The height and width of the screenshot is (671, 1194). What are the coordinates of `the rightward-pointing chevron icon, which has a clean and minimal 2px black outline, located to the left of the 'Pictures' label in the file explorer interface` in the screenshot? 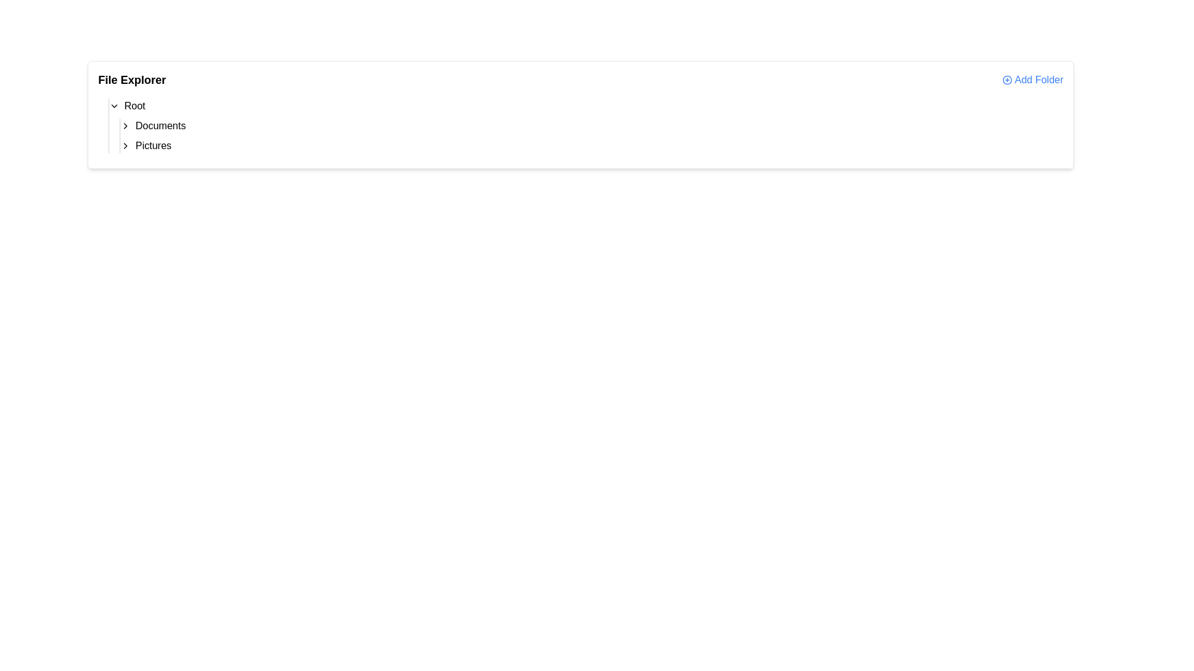 It's located at (125, 145).